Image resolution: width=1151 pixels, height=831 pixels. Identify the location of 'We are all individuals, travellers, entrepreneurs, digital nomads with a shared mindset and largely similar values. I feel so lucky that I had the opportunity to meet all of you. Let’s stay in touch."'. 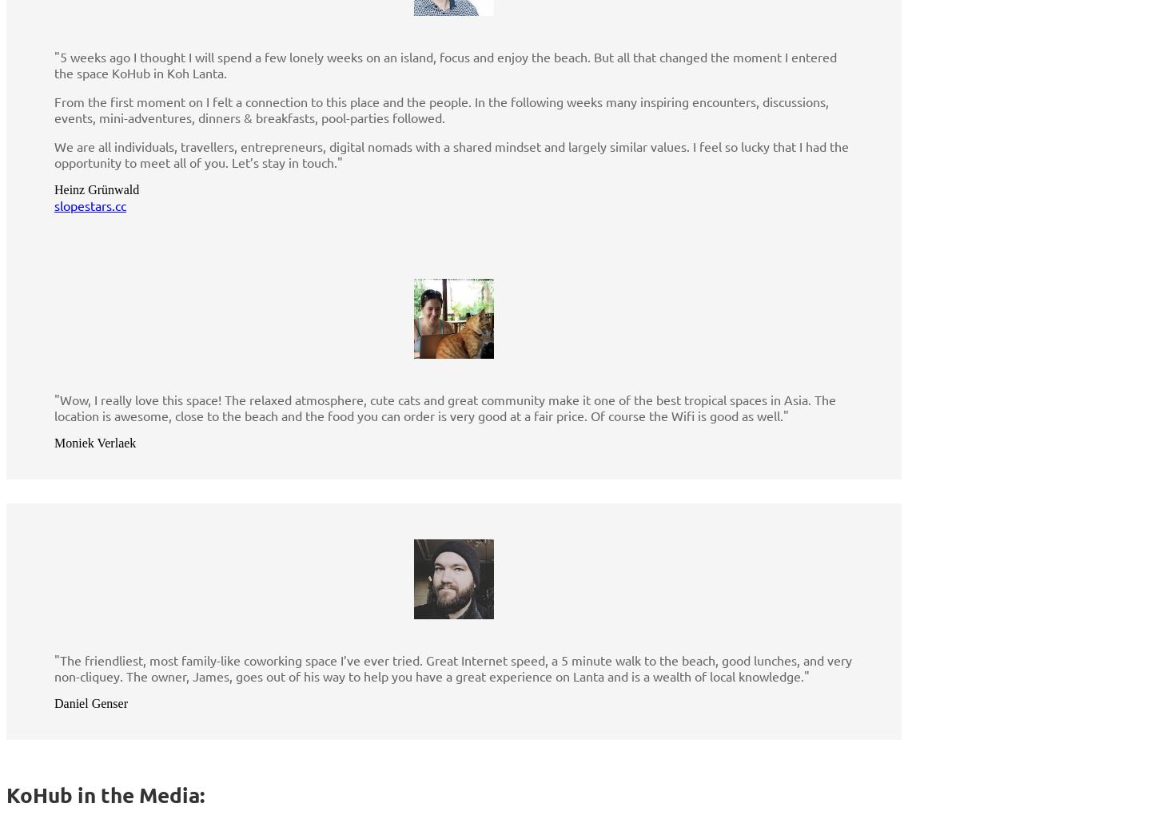
(452, 154).